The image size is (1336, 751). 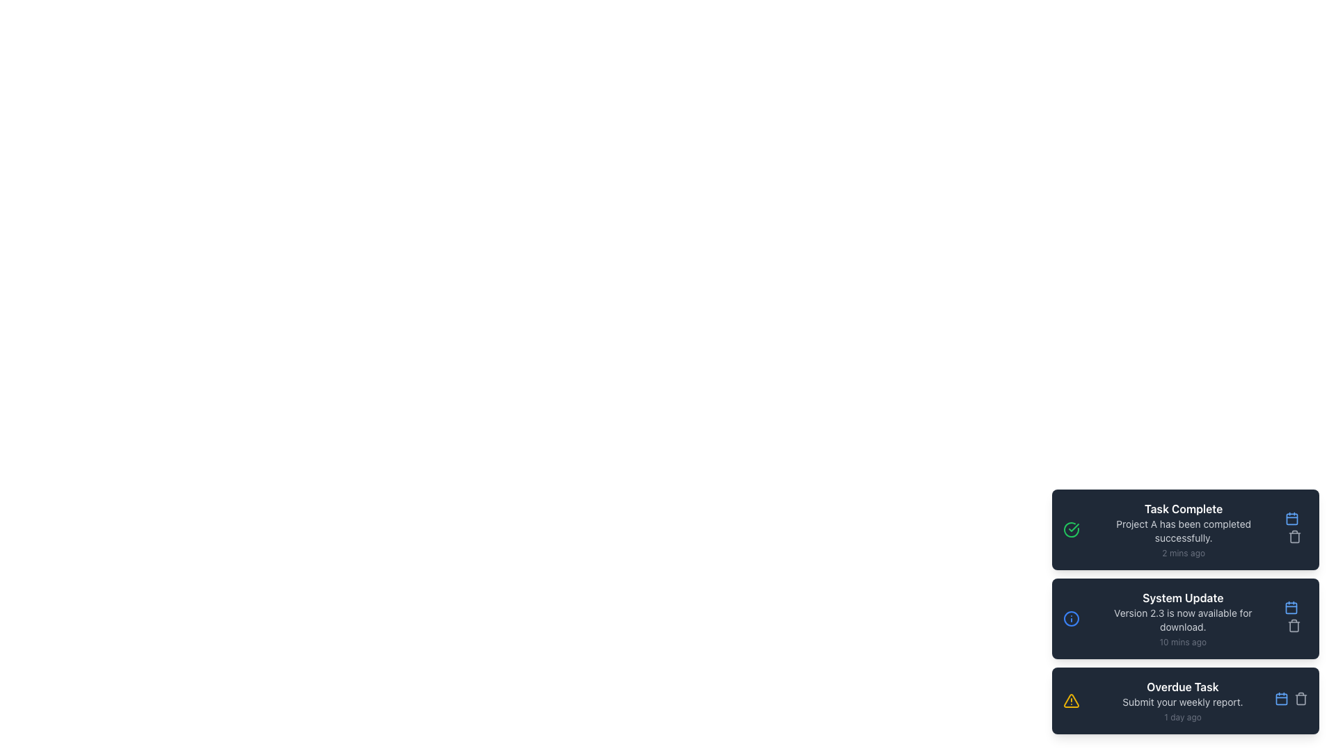 I want to click on the small blue calendar icon button located at the bottom-right corner of the notification card, so click(x=1291, y=518).